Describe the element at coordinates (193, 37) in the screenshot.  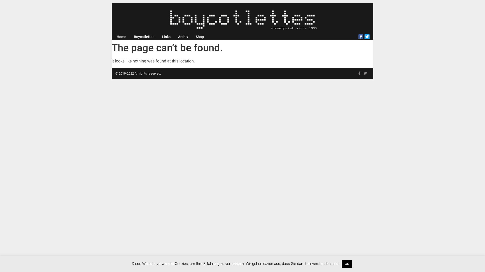
I see `'Shop'` at that location.